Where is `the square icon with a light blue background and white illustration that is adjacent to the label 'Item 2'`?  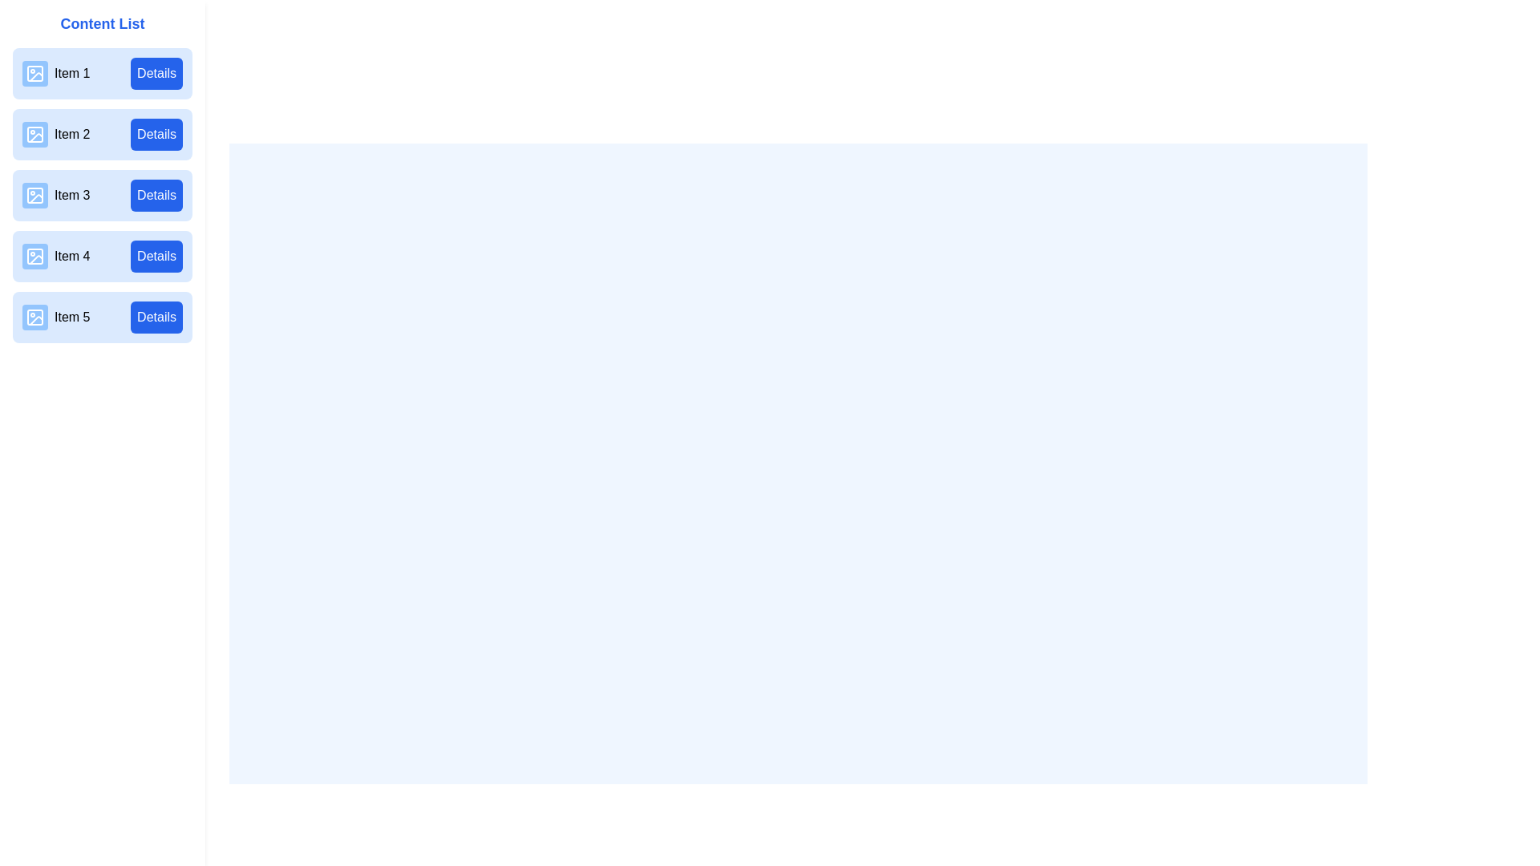 the square icon with a light blue background and white illustration that is adjacent to the label 'Item 2' is located at coordinates (34, 134).